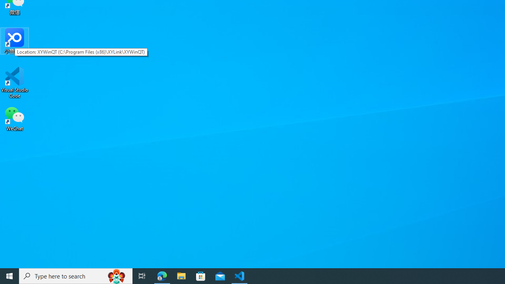  What do you see at coordinates (9, 275) in the screenshot?
I see `'Start'` at bounding box center [9, 275].